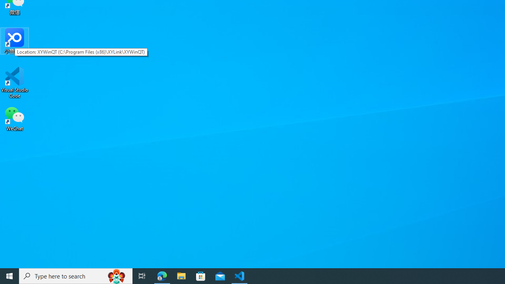  What do you see at coordinates (9, 275) in the screenshot?
I see `'Start'` at bounding box center [9, 275].